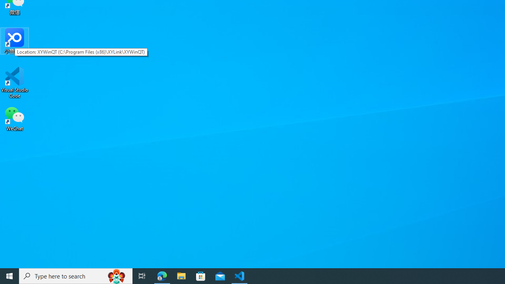  What do you see at coordinates (9, 275) in the screenshot?
I see `'Start'` at bounding box center [9, 275].